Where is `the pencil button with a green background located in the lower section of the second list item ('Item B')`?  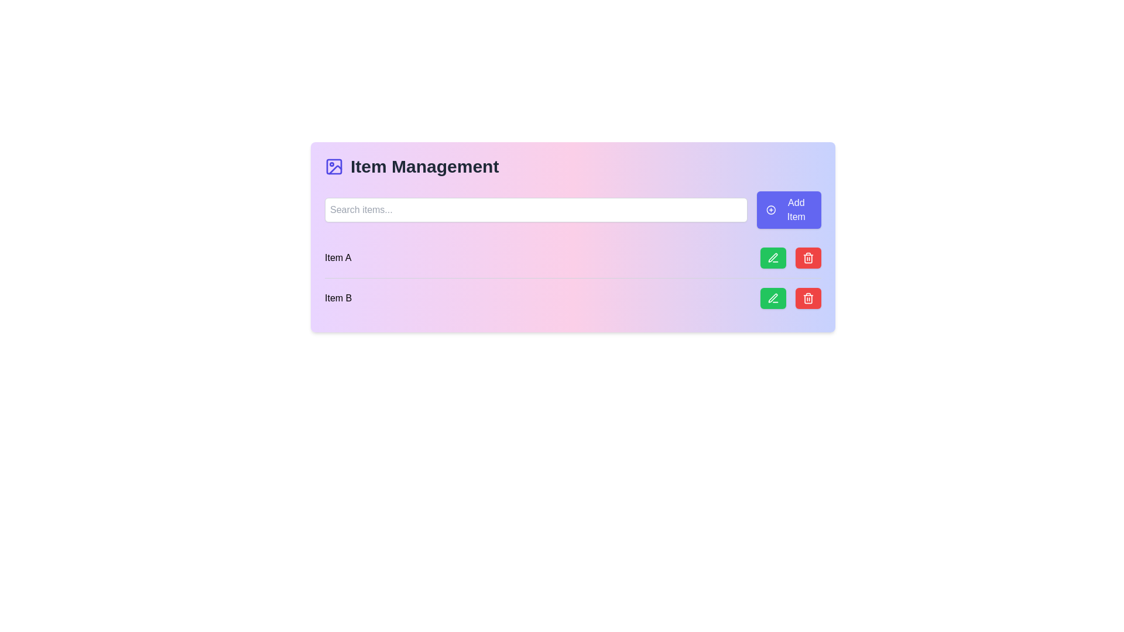 the pencil button with a green background located in the lower section of the second list item ('Item B') is located at coordinates (773, 256).